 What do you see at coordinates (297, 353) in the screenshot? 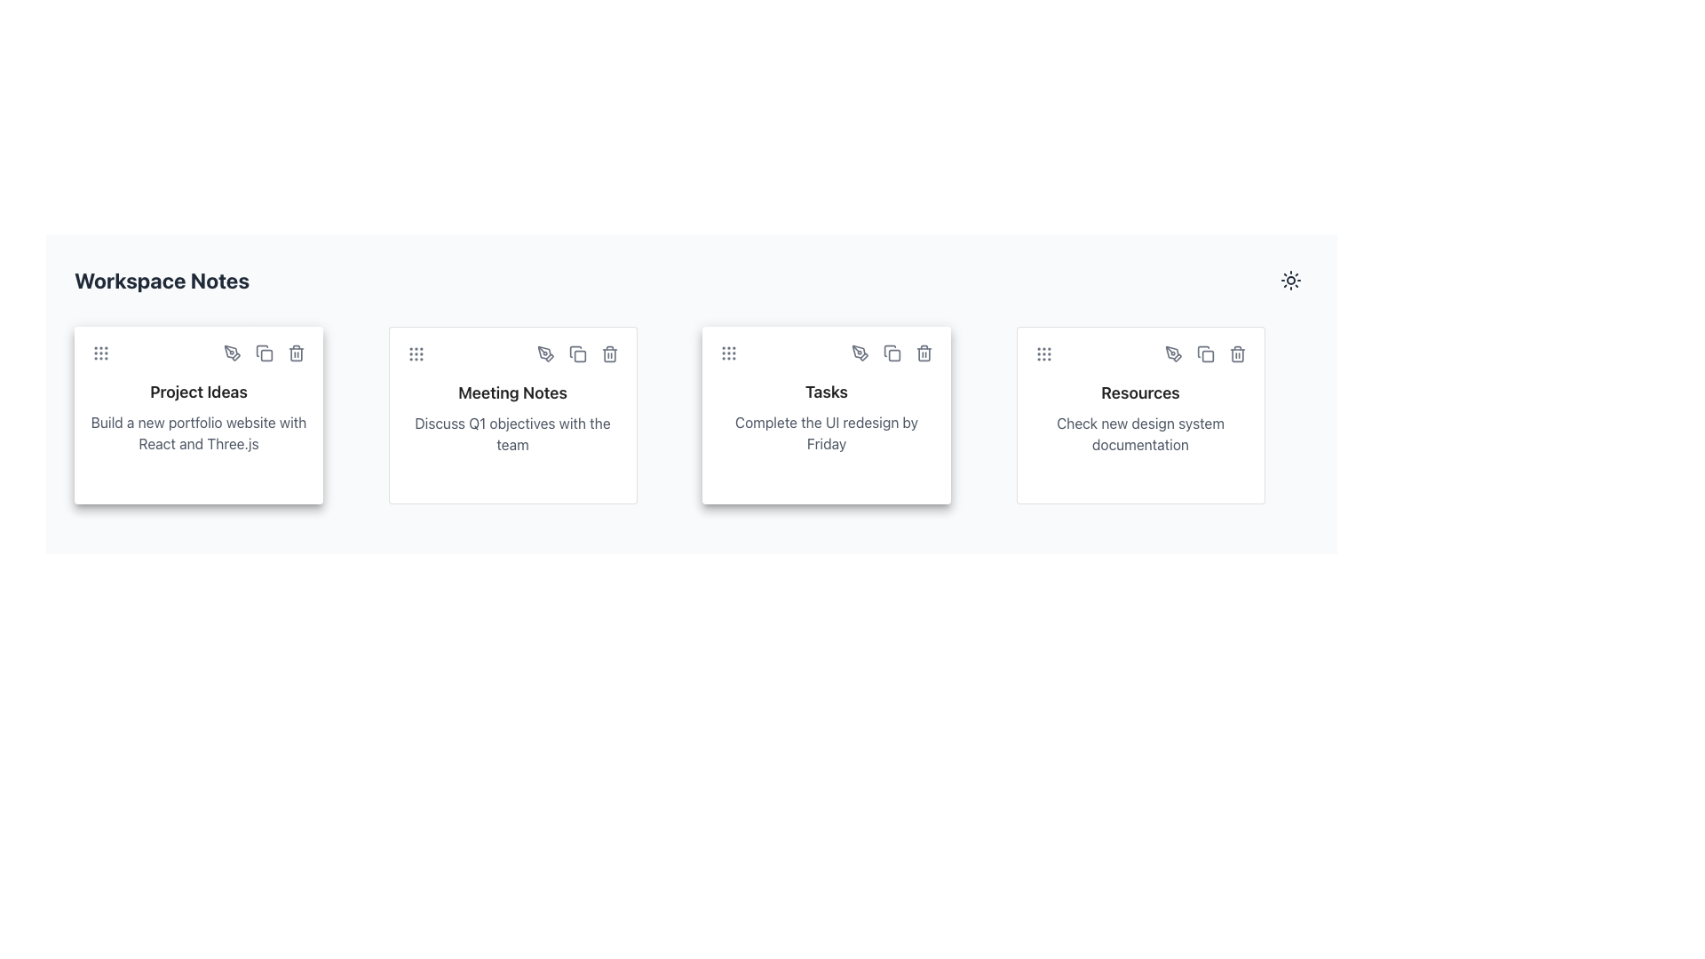
I see `the delete icon located in the top-right corner of the 'Project Ideas' card within the 'Workspace Notes' section to initiate the deletion action` at bounding box center [297, 353].